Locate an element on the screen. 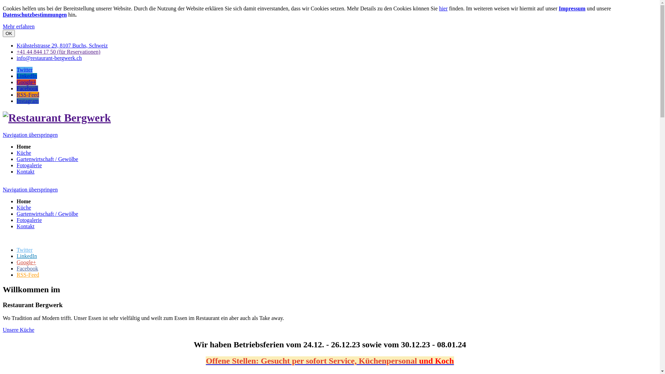 The image size is (665, 374). ' ' is located at coordinates (3, 238).